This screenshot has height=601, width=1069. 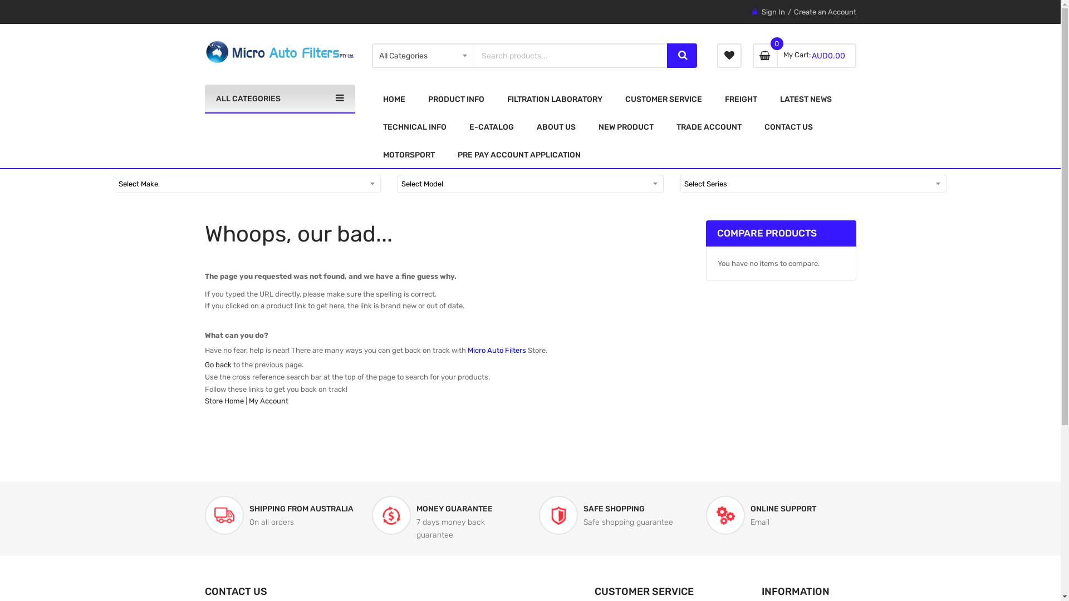 I want to click on 'TRADE ACCOUNT', so click(x=708, y=126).